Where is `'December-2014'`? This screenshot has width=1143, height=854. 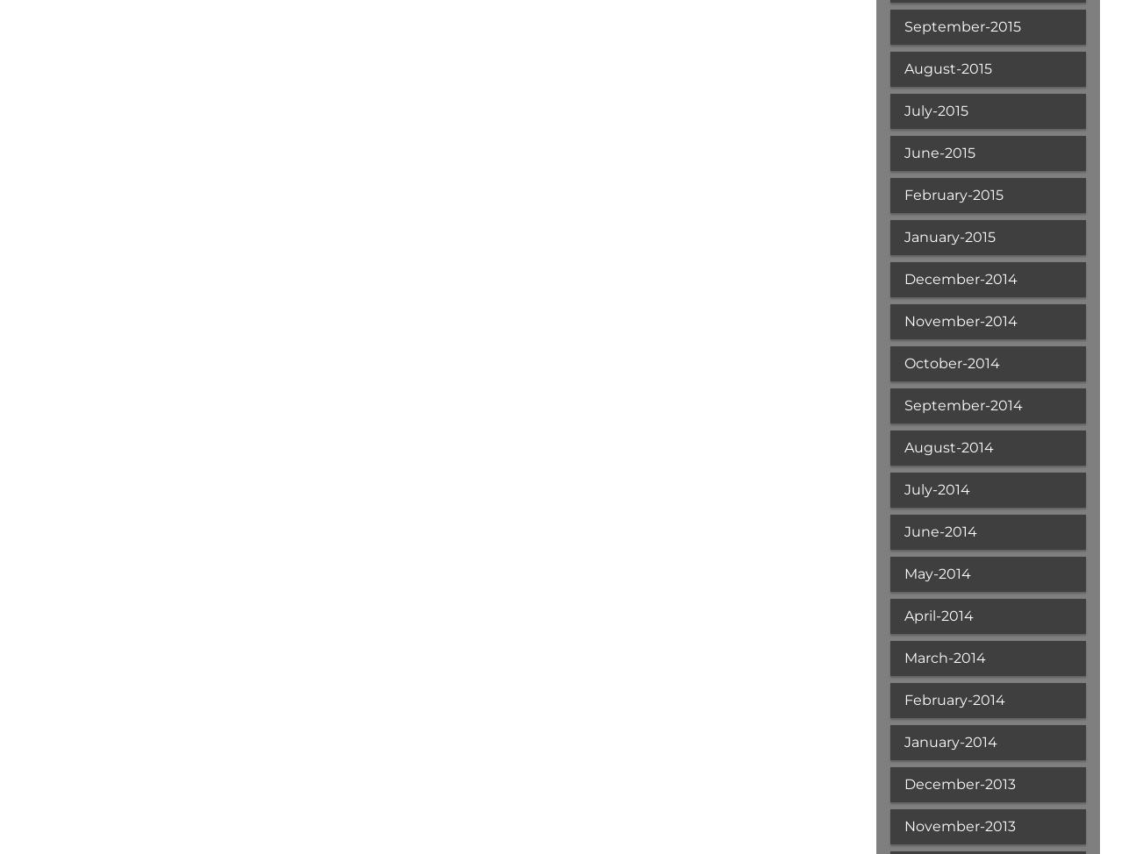 'December-2014' is located at coordinates (904, 278).